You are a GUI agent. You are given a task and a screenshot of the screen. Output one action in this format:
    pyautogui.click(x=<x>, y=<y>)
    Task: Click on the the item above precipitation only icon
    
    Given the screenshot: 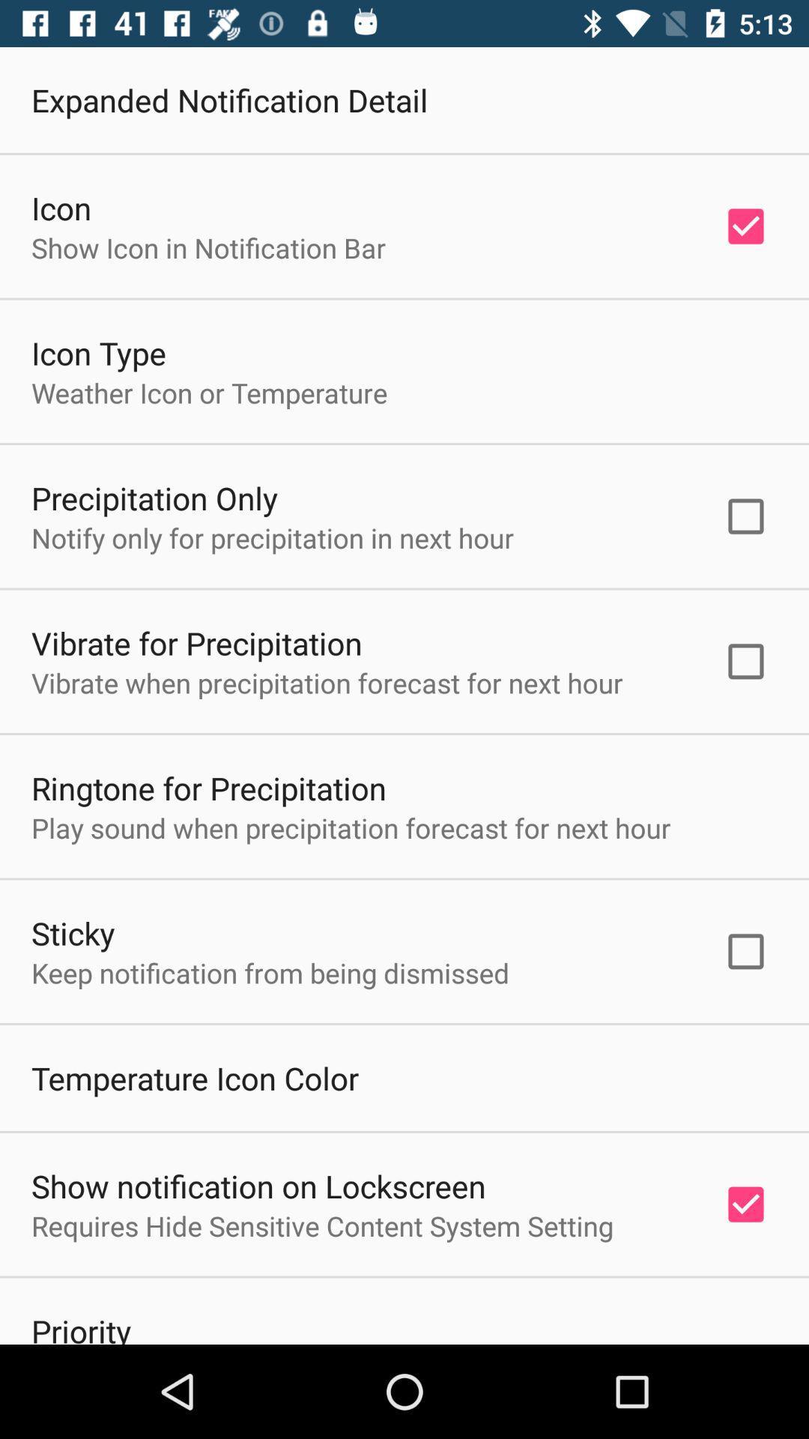 What is the action you would take?
    pyautogui.click(x=209, y=393)
    